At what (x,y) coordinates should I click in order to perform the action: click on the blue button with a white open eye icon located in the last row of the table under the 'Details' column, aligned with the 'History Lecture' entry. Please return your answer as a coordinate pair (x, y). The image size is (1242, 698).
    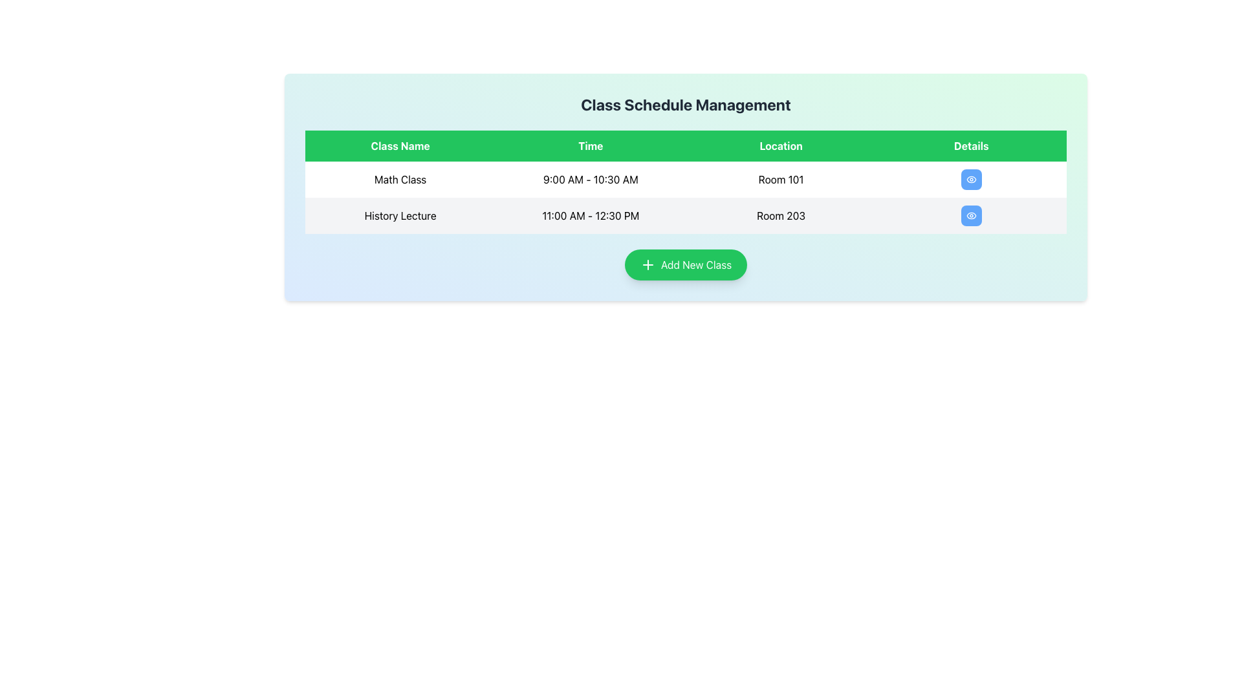
    Looking at the image, I should click on (971, 215).